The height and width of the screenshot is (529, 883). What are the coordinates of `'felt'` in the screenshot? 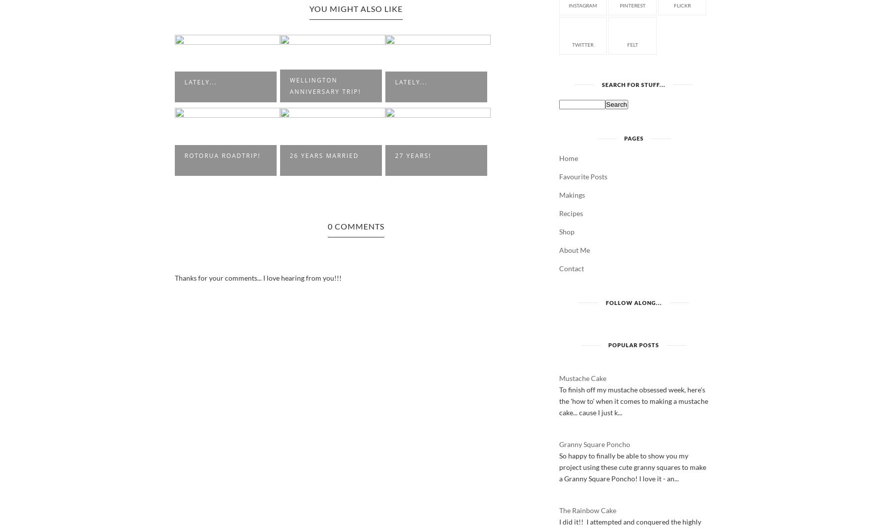 It's located at (632, 44).